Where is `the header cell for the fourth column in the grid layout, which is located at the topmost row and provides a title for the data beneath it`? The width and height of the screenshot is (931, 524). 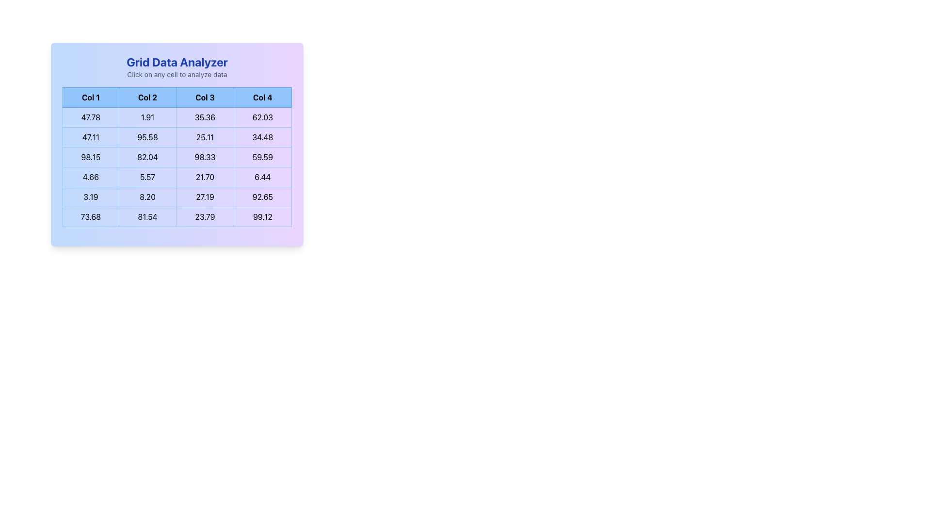
the header cell for the fourth column in the grid layout, which is located at the topmost row and provides a title for the data beneath it is located at coordinates (262, 97).